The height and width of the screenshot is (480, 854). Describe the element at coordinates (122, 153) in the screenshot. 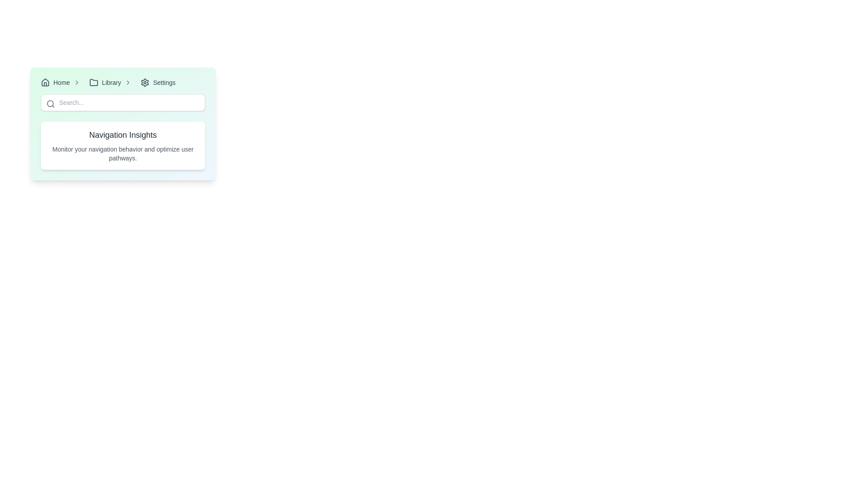

I see `the static informative text displaying 'Monitor your navigation behavior and optimize user pathways.' which is located below the heading 'Navigation Insights'` at that location.